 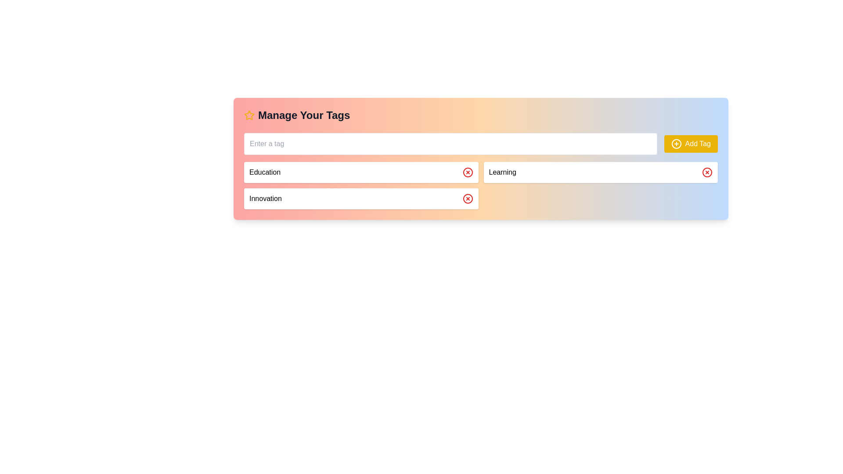 I want to click on the static text label that represents the tag 'Education', which is the first tag in the list and appears above the tag 'Innovation', so click(x=264, y=172).